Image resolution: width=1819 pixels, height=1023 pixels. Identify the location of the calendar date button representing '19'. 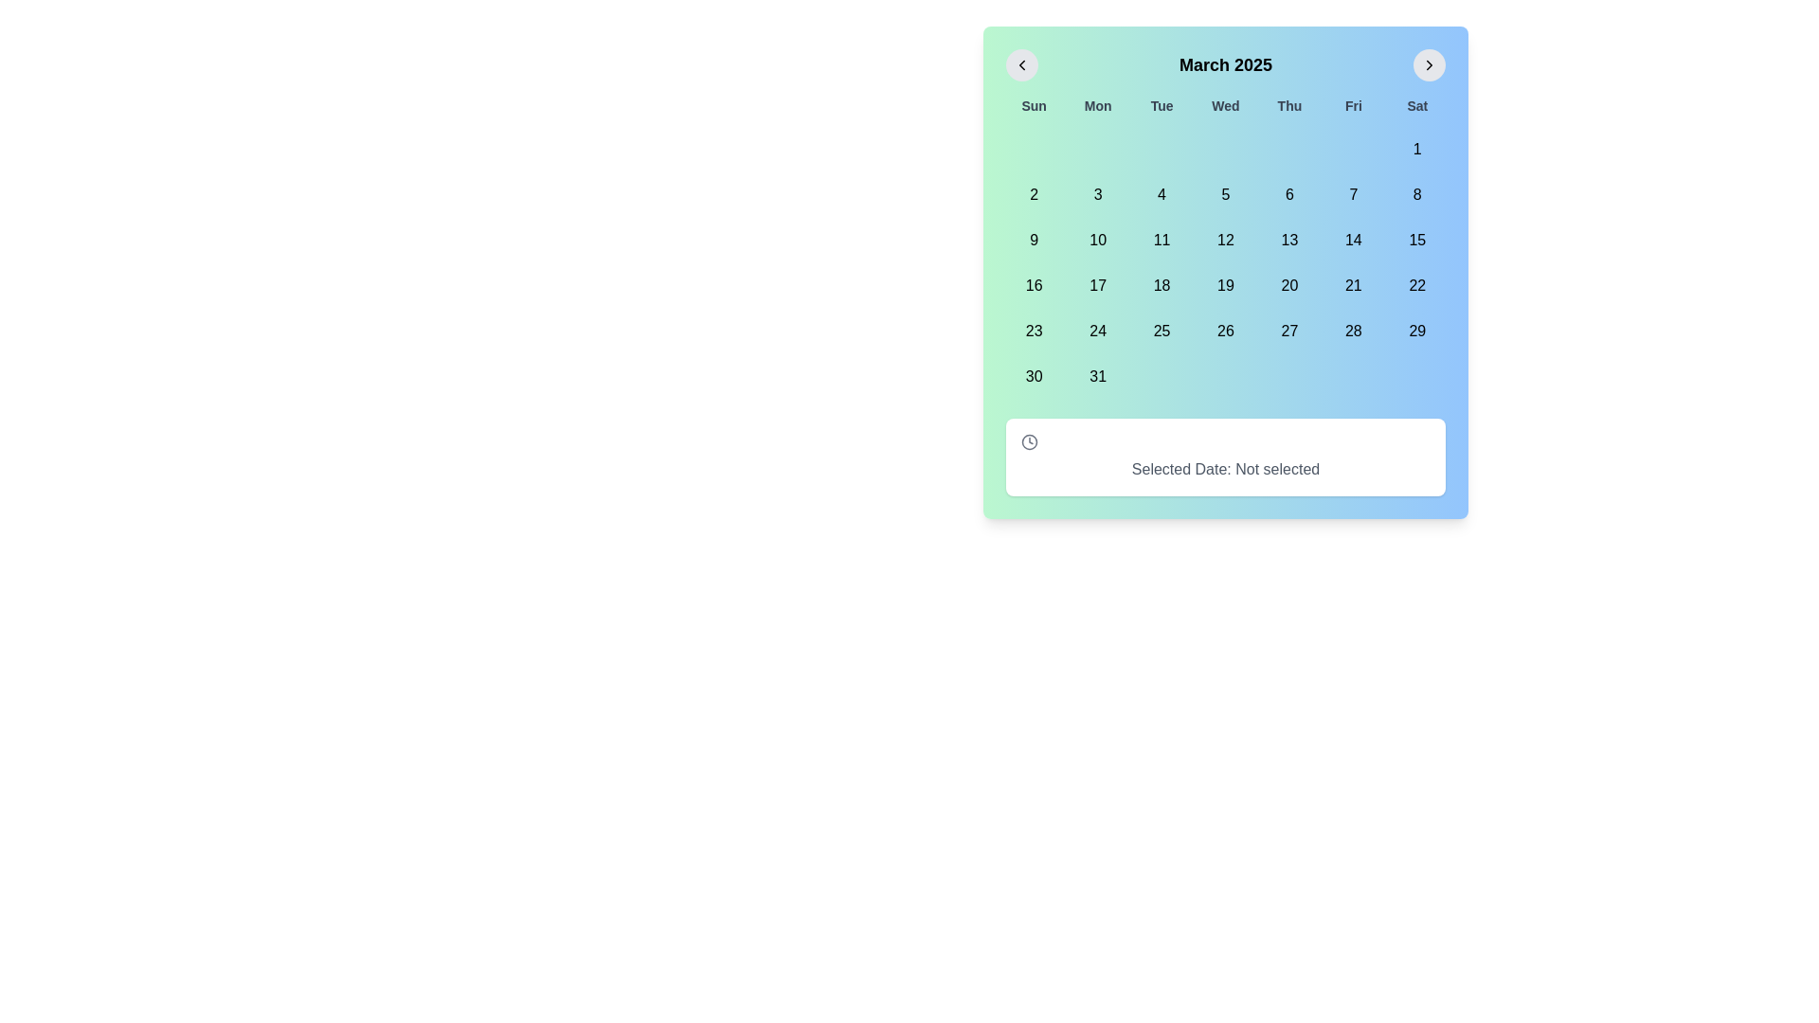
(1226, 285).